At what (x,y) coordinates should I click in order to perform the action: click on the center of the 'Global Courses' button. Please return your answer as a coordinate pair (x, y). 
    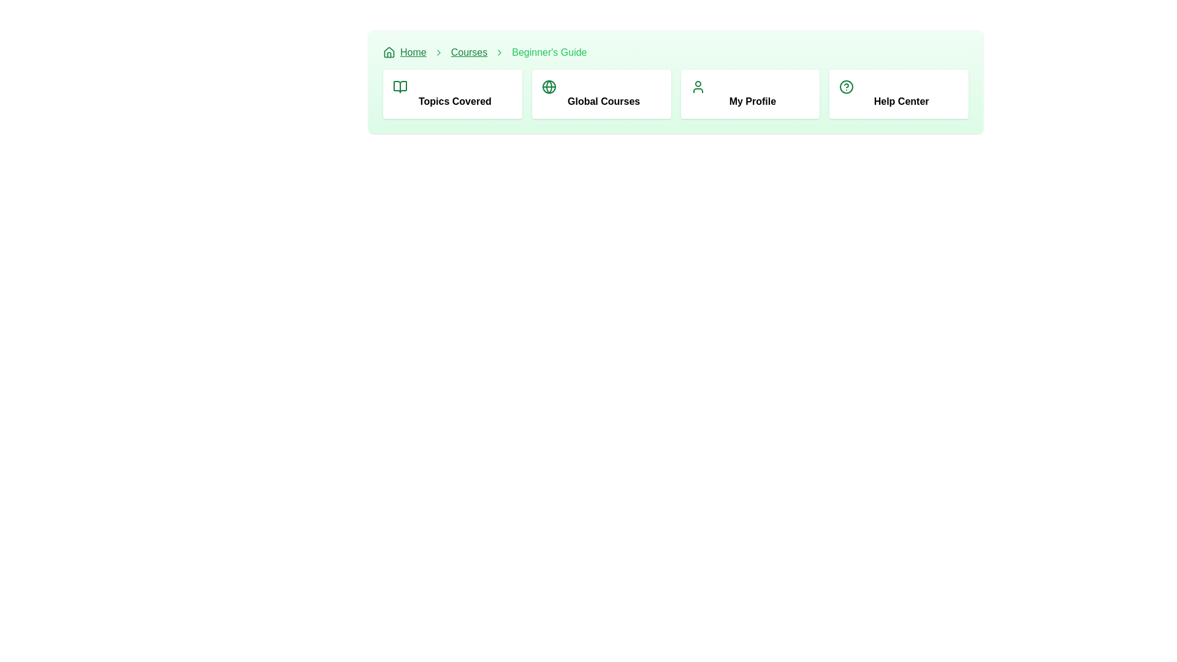
    Looking at the image, I should click on (601, 94).